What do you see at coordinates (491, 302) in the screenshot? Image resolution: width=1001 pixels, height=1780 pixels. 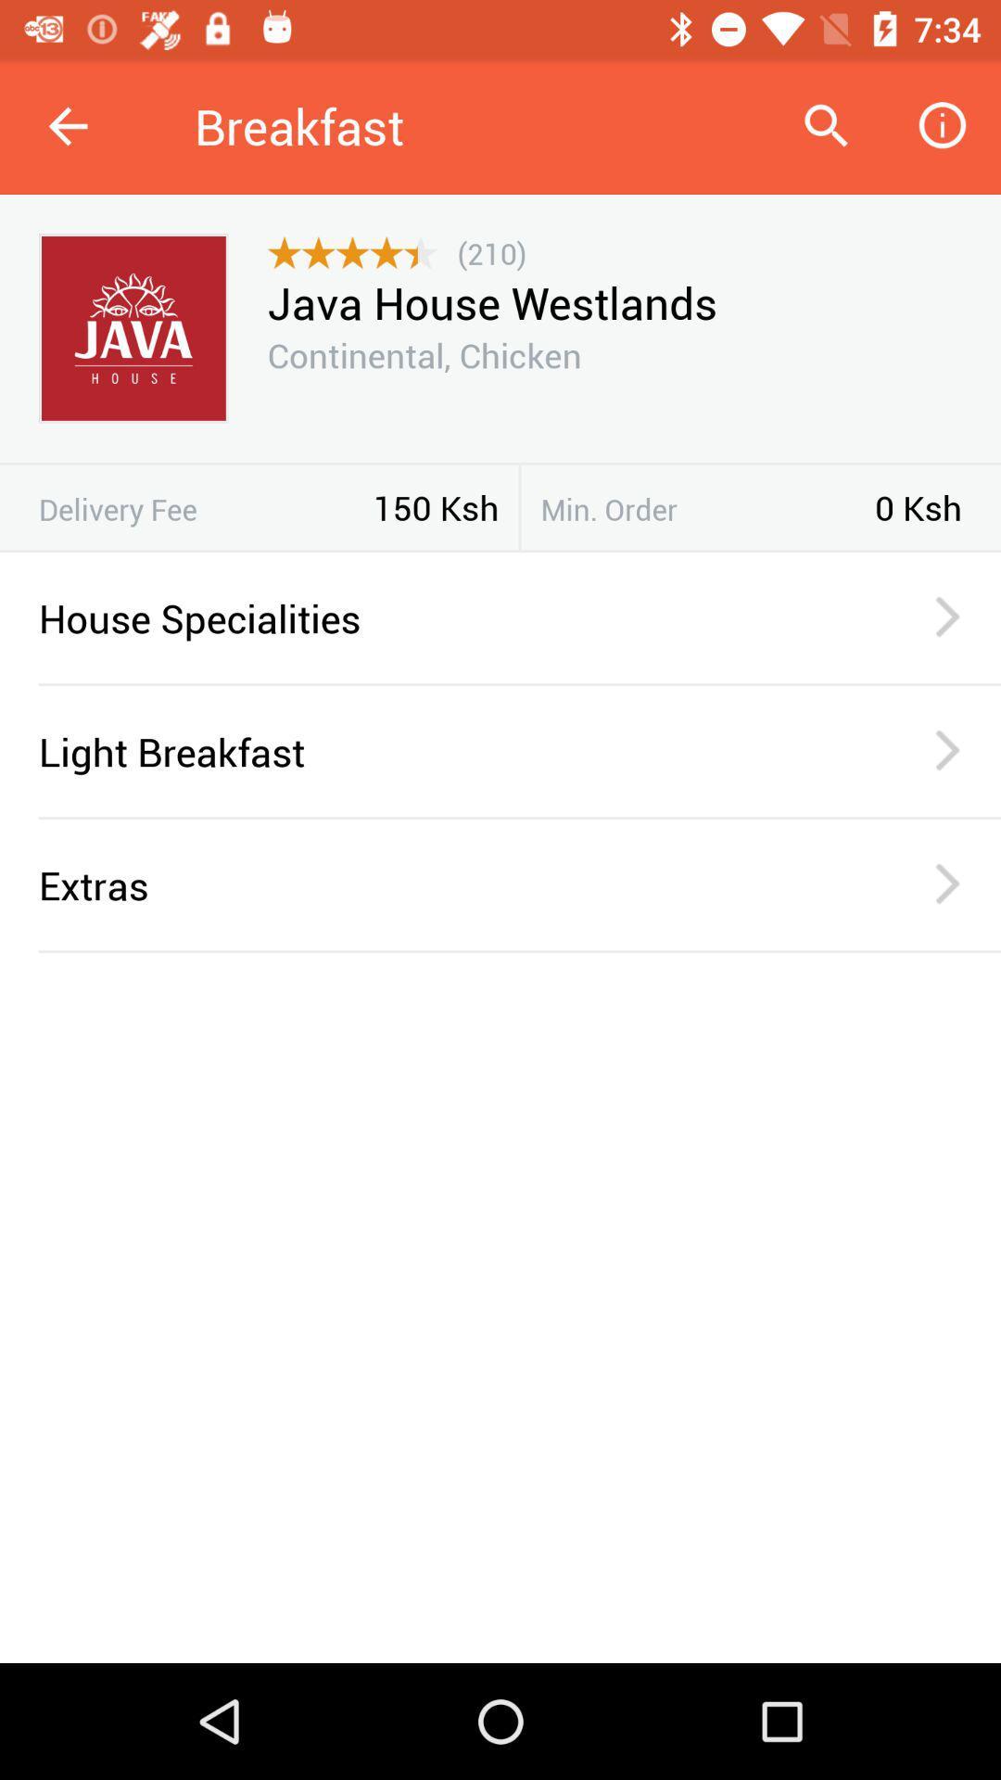 I see `java house westlands item` at bounding box center [491, 302].